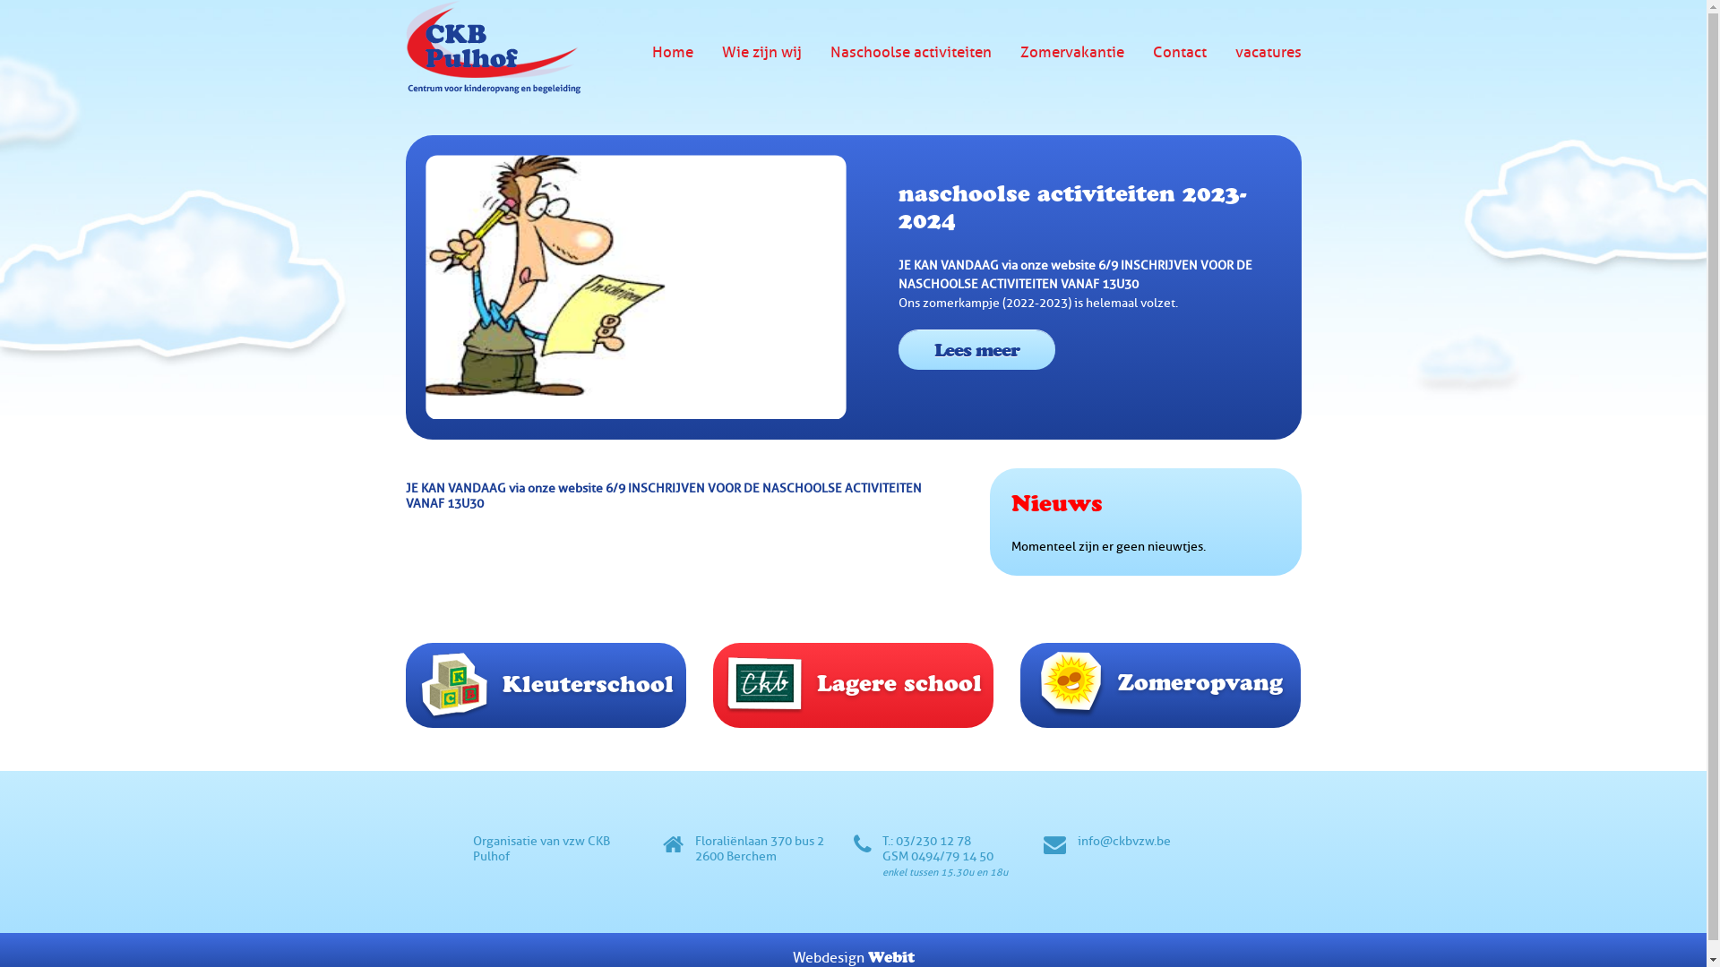 The image size is (1720, 967). I want to click on 'Zomeropvang', so click(1160, 682).